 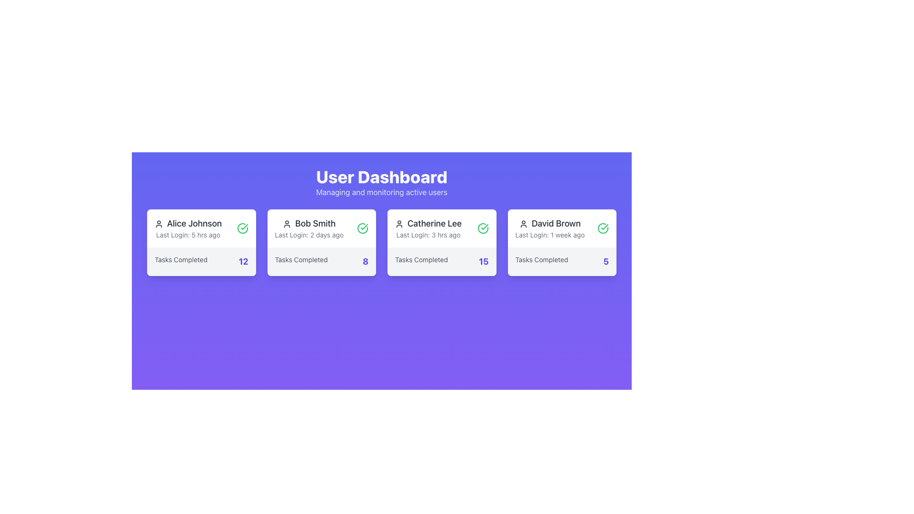 What do you see at coordinates (427, 224) in the screenshot?
I see `the first text label displaying the user's name, located in the third user information card under the 'User Dashboard', above the 'Last Login' field` at bounding box center [427, 224].